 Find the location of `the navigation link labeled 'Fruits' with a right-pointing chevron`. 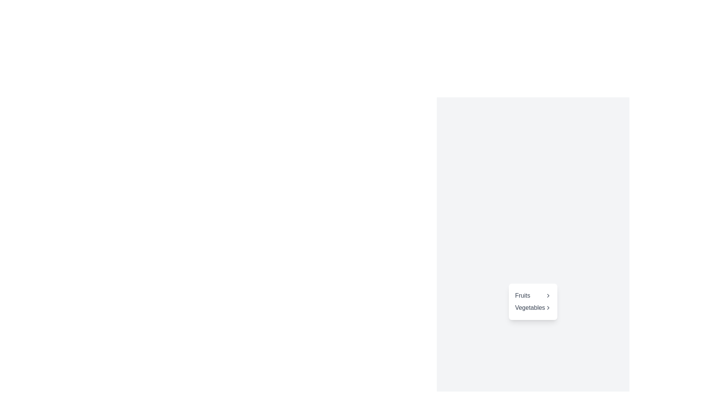

the navigation link labeled 'Fruits' with a right-pointing chevron is located at coordinates (533, 295).